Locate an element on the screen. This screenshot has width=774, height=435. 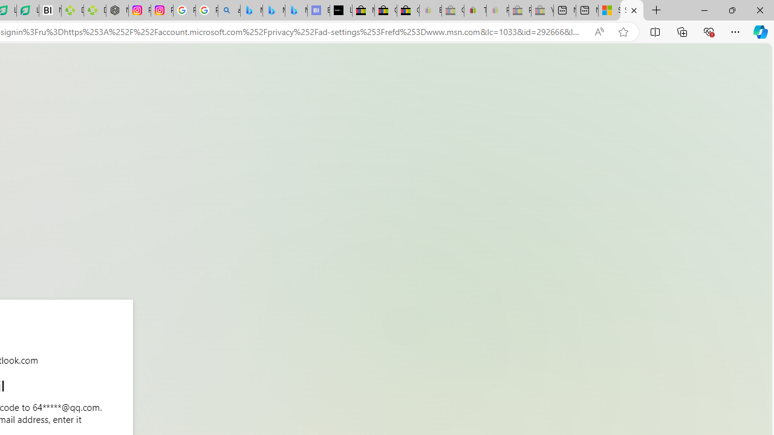
'Yard, Garden & Outdoor Living - Sleeping' is located at coordinates (542, 10).